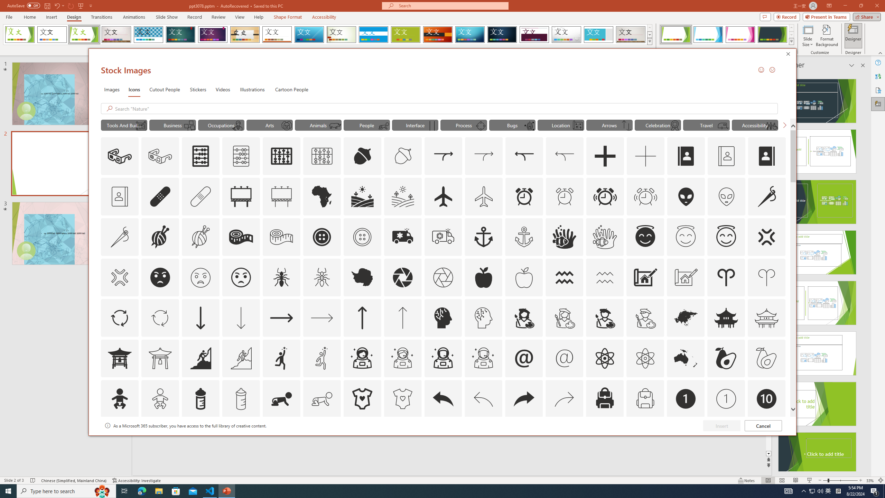 This screenshot has height=498, width=885. Describe the element at coordinates (708, 34) in the screenshot. I see `'Facet Variant 2'` at that location.